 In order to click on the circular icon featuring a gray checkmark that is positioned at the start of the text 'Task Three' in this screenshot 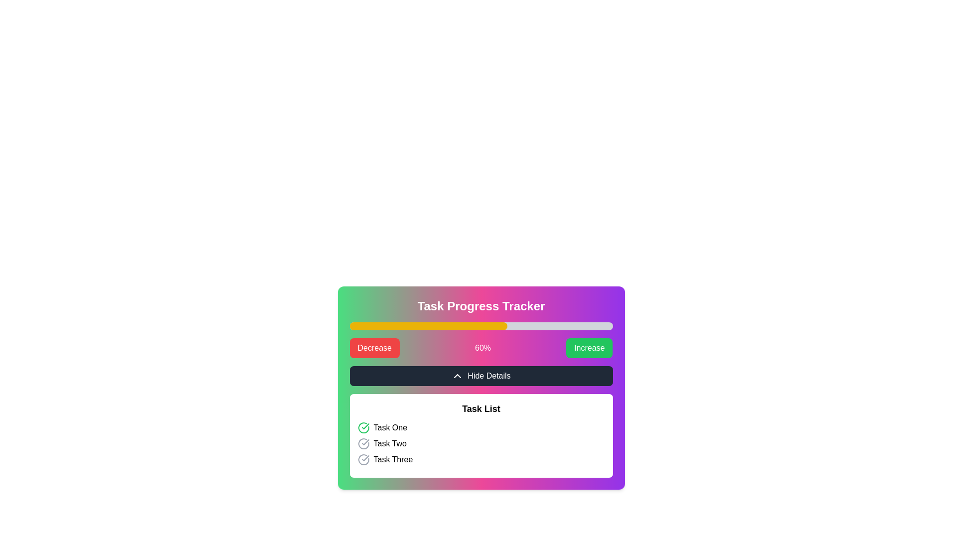, I will do `click(363, 459)`.